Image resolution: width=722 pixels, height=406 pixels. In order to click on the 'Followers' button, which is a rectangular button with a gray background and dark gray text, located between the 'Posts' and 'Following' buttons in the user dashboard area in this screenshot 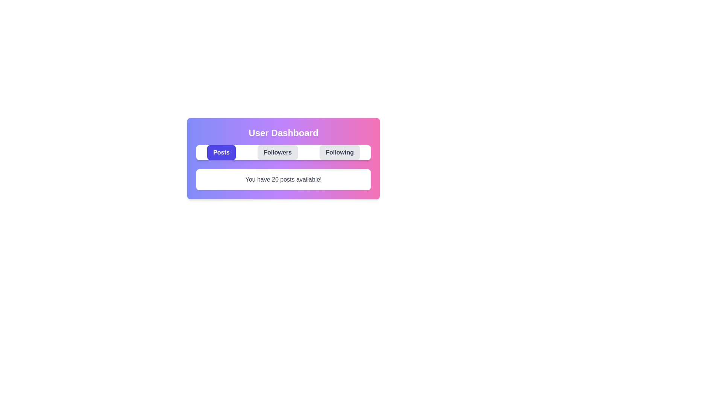, I will do `click(277, 152)`.